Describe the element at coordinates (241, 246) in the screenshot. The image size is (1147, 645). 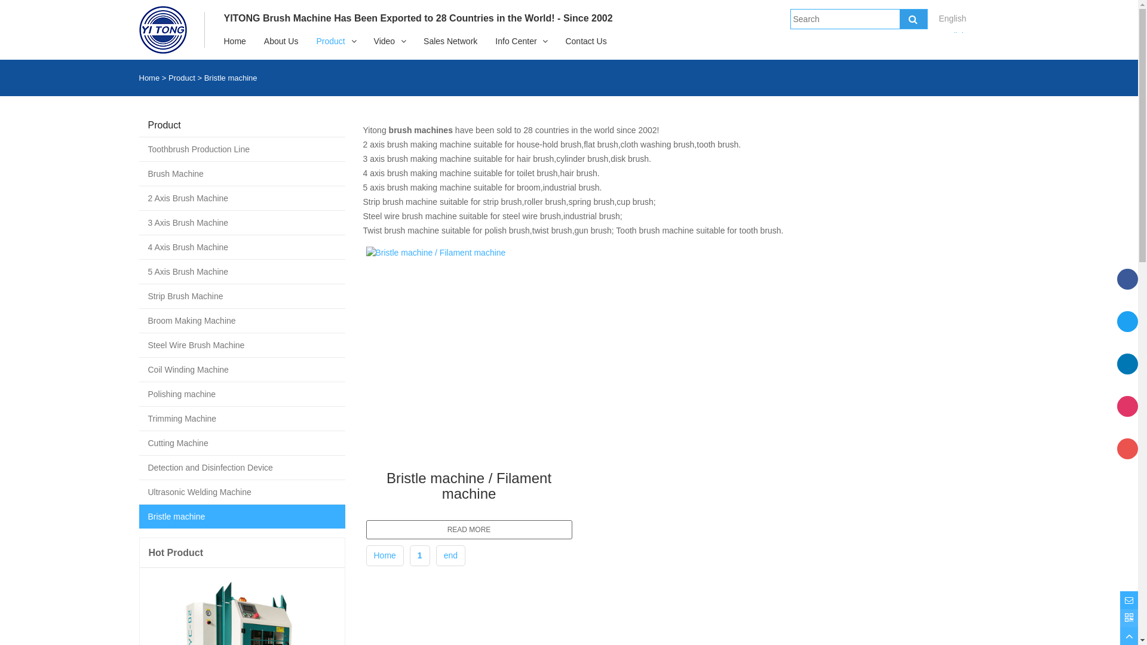
I see `'4 Axis Brush Machine'` at that location.